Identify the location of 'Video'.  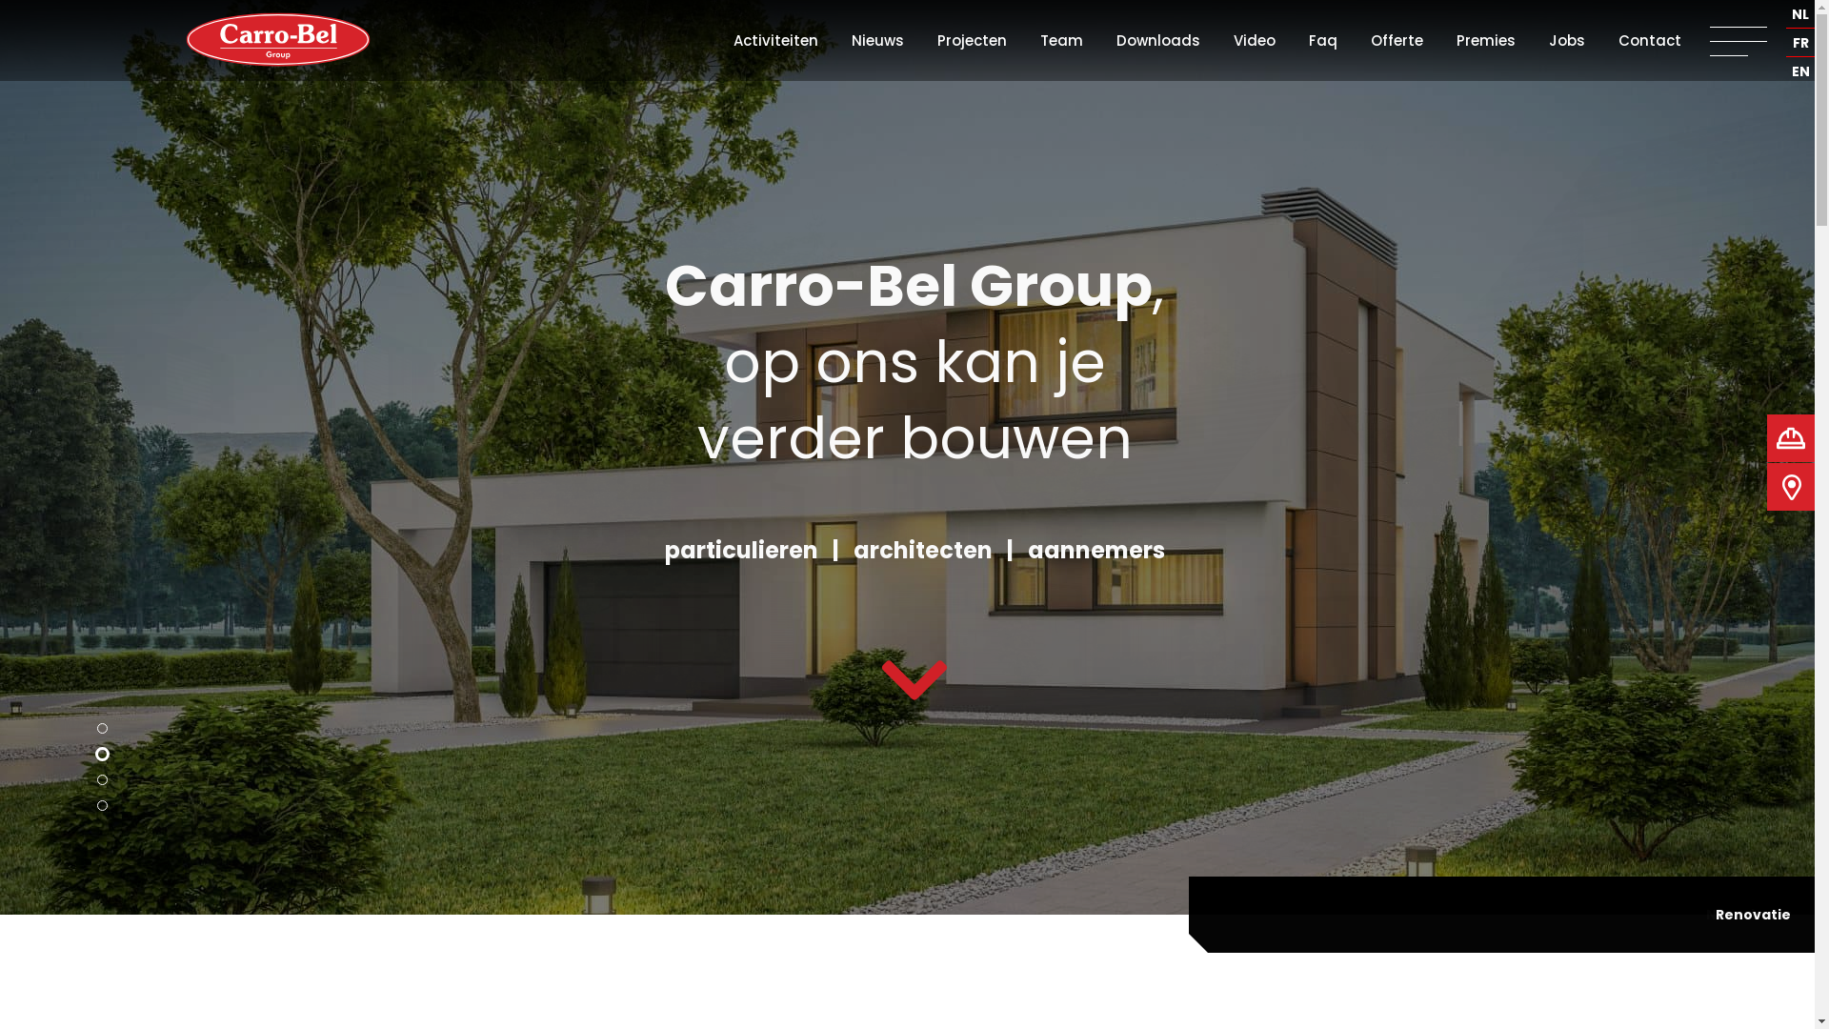
(1254, 40).